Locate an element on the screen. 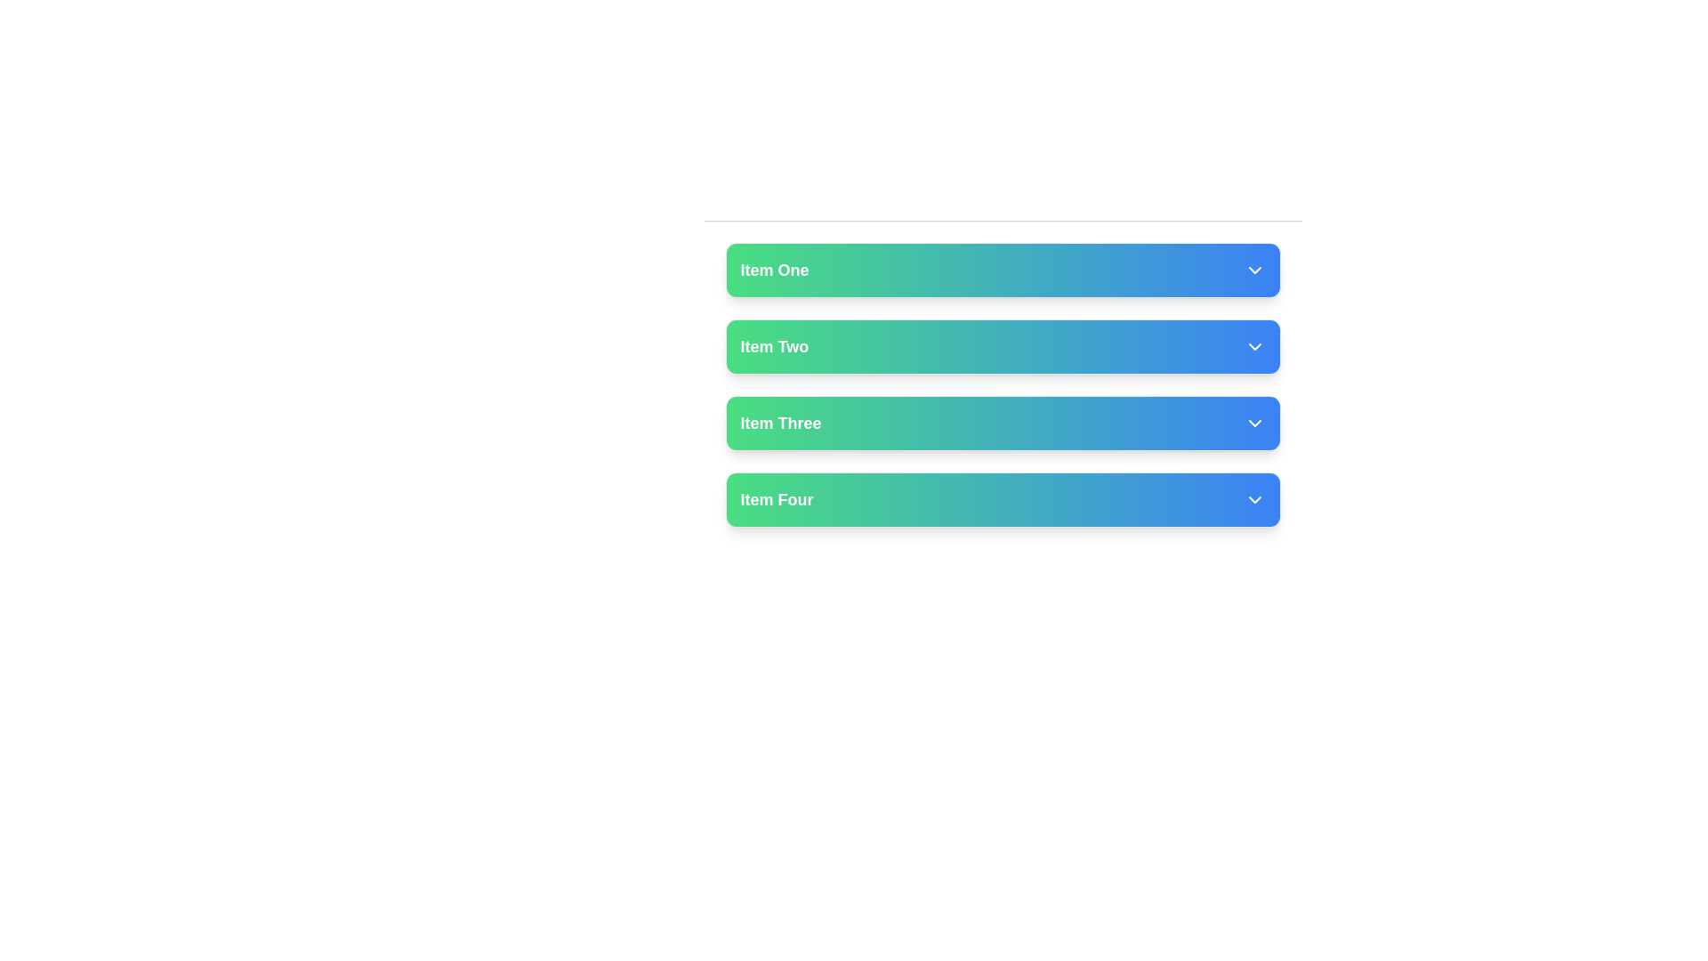 This screenshot has width=1708, height=961. the 'Item Two' dropdown menu item is located at coordinates (1003, 384).